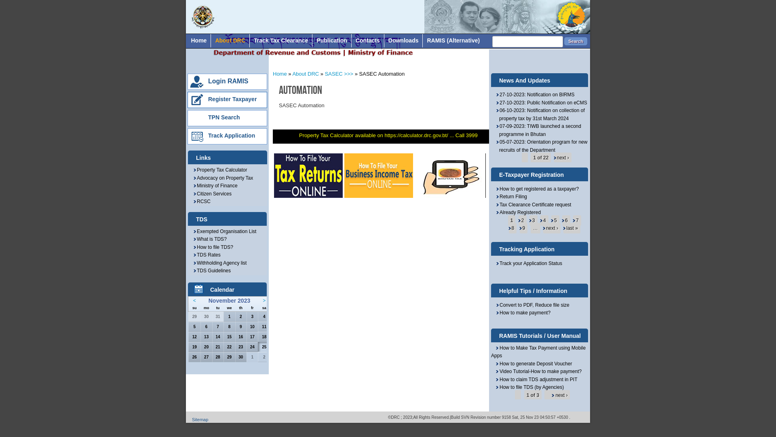 This screenshot has width=776, height=437. I want to click on '2', so click(521, 220).